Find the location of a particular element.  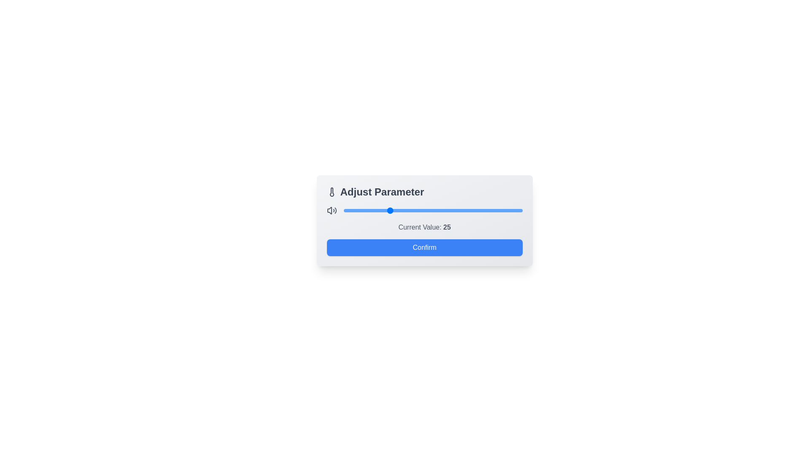

the slider which allows users to select a value within a range of 0 to 100, currently set at 25 is located at coordinates (433, 210).